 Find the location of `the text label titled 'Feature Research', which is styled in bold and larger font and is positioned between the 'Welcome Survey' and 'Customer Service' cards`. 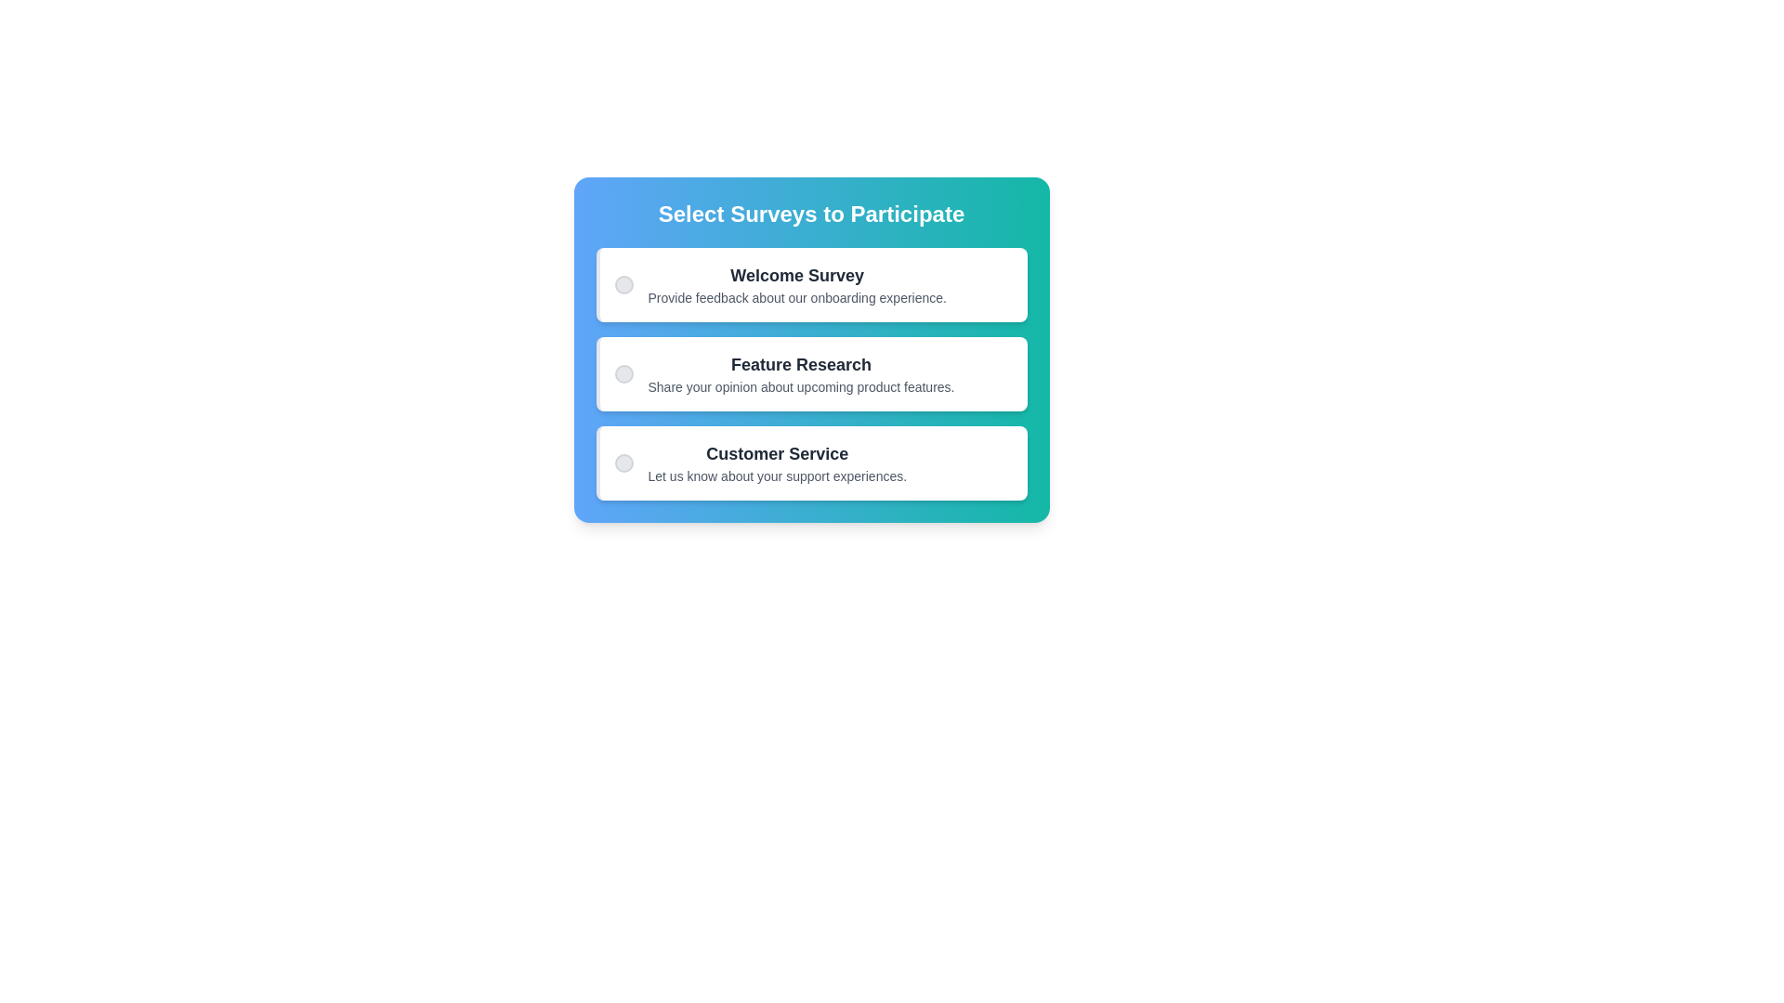

the text label titled 'Feature Research', which is styled in bold and larger font and is positioned between the 'Welcome Survey' and 'Customer Service' cards is located at coordinates (801, 365).